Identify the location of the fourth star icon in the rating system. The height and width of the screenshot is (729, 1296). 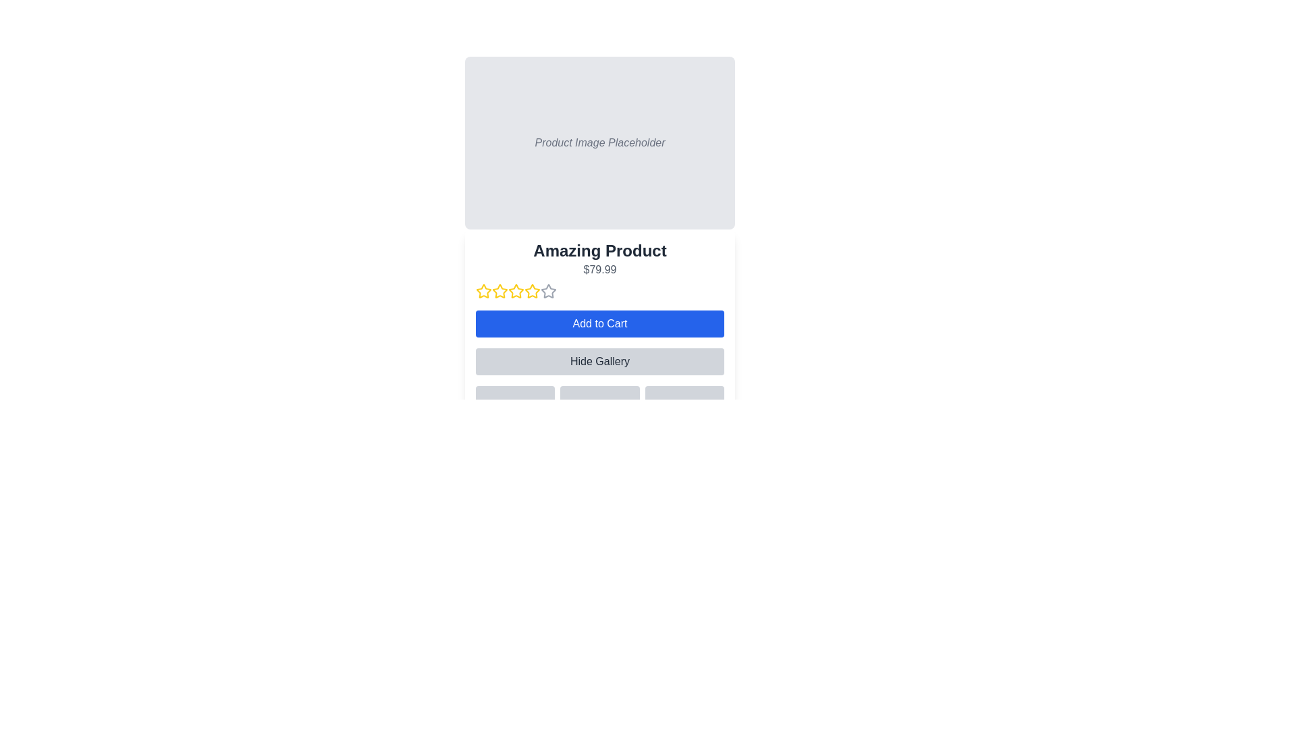
(515, 291).